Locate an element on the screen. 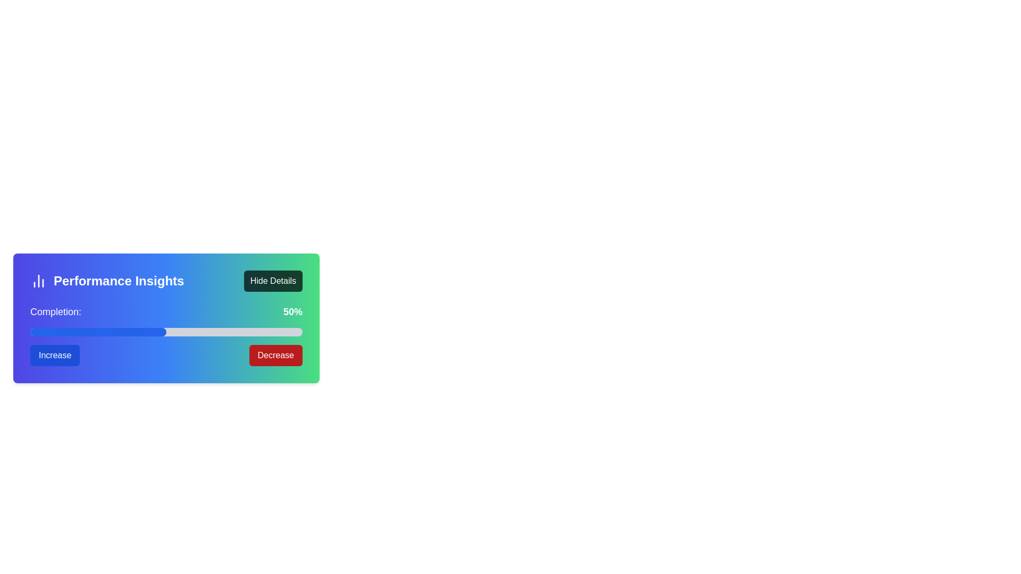 The width and height of the screenshot is (1021, 574). text content of the 'Hide Details' text label, which is styled with white text on a black background and located in the top-right section of a card-like interface is located at coordinates (273, 280).